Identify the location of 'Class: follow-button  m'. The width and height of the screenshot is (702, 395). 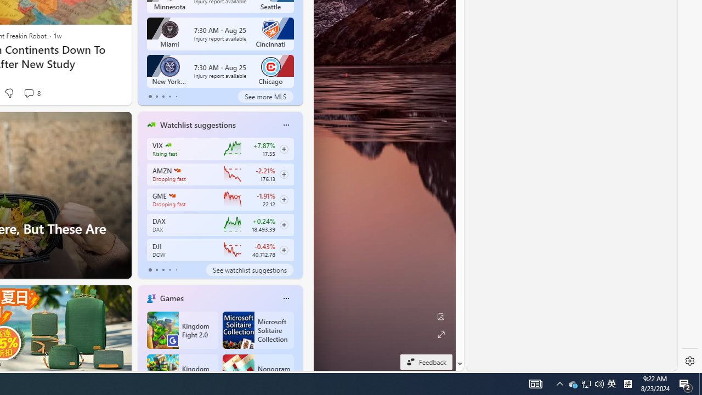
(284, 250).